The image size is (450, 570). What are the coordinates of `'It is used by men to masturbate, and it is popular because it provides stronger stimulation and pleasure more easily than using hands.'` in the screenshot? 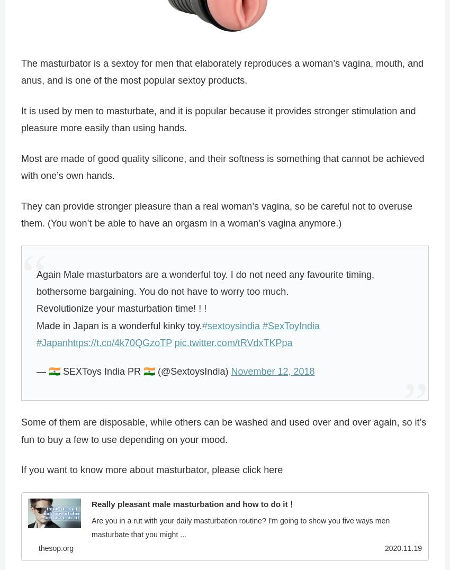 It's located at (218, 120).